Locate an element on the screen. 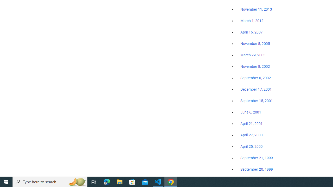 The width and height of the screenshot is (333, 187). 'November 8, 2002' is located at coordinates (255, 66).